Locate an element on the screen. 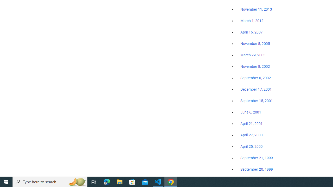 The width and height of the screenshot is (333, 187). 'November 8, 2002' is located at coordinates (255, 66).